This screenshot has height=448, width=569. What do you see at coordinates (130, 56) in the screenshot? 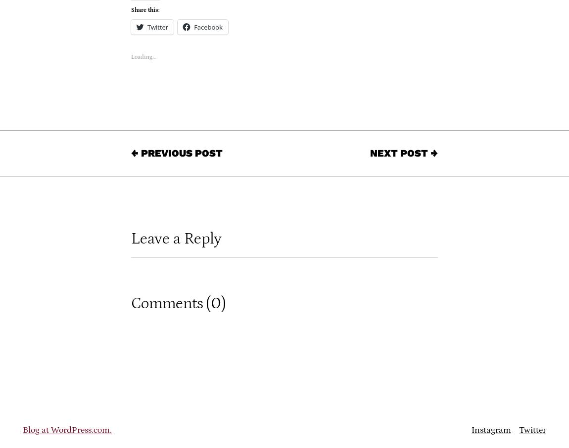
I see `'Loading…'` at bounding box center [130, 56].